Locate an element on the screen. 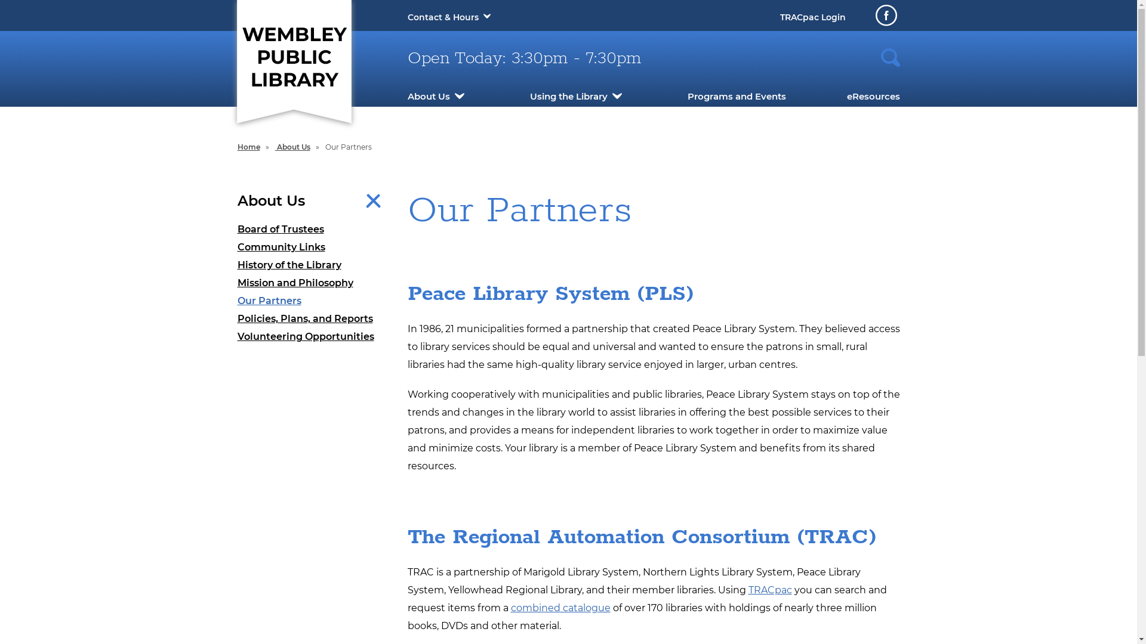 The image size is (1146, 644). 'Volunteering Opportunities' is located at coordinates (238, 336).